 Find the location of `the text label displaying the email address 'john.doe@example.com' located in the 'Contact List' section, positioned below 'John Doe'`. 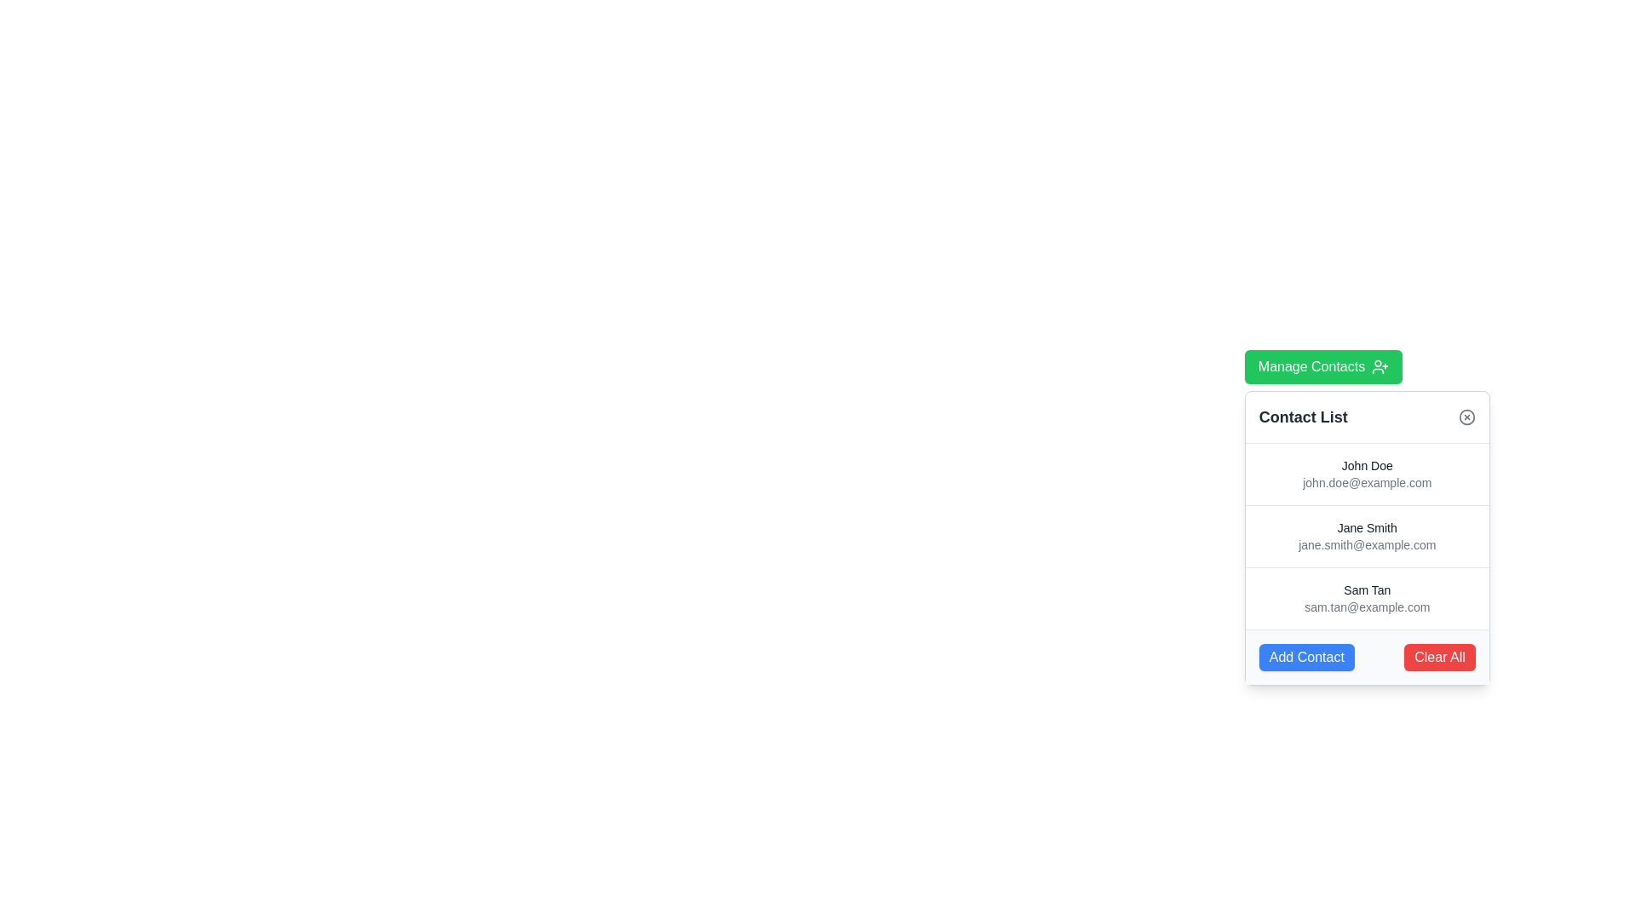

the text label displaying the email address 'john.doe@example.com' located in the 'Contact List' section, positioned below 'John Doe' is located at coordinates (1367, 483).